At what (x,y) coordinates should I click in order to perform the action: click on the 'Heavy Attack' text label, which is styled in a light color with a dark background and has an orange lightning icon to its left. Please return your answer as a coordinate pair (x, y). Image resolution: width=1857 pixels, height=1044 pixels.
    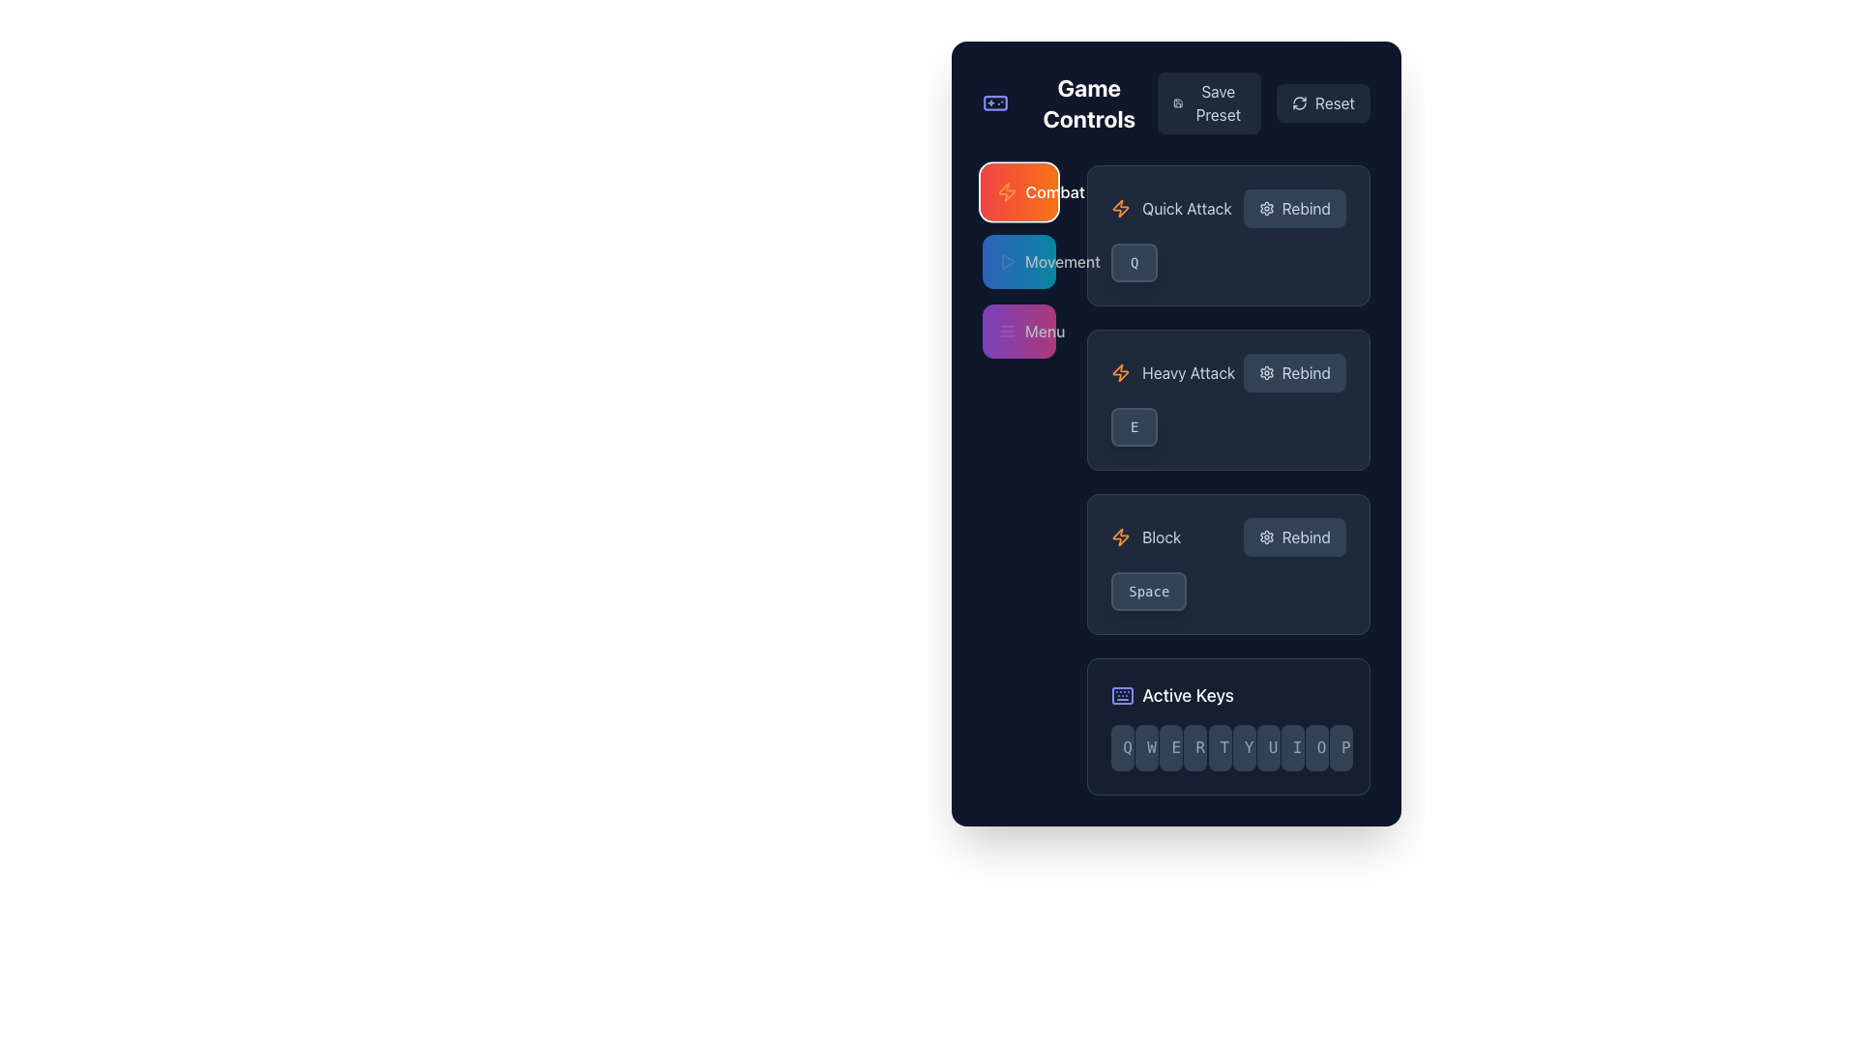
    Looking at the image, I should click on (1172, 372).